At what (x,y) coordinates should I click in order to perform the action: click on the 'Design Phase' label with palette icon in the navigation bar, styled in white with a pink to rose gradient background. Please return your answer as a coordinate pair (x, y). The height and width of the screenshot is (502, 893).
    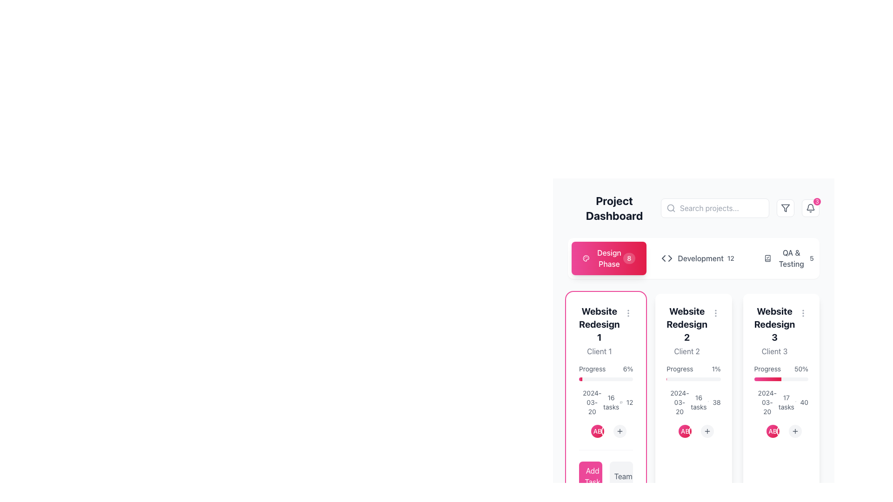
    Looking at the image, I should click on (603, 258).